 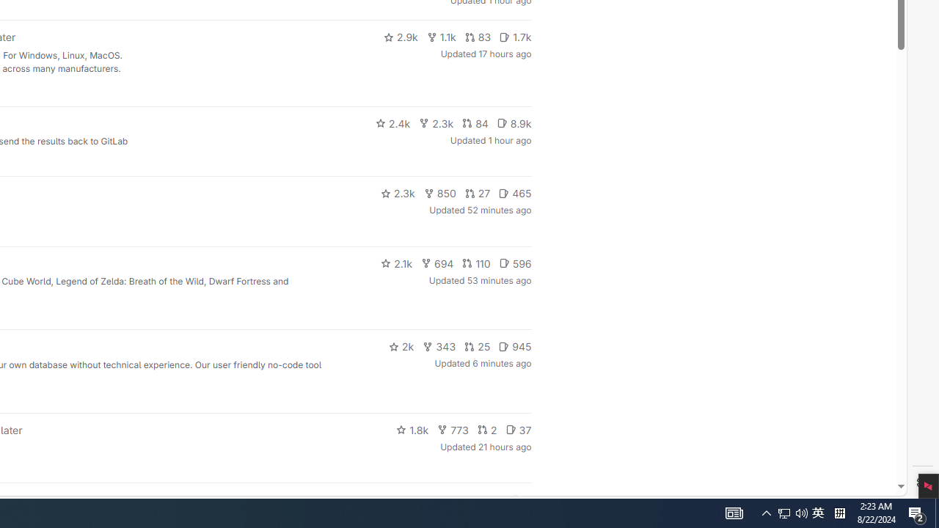 I want to click on '110', so click(x=476, y=262).